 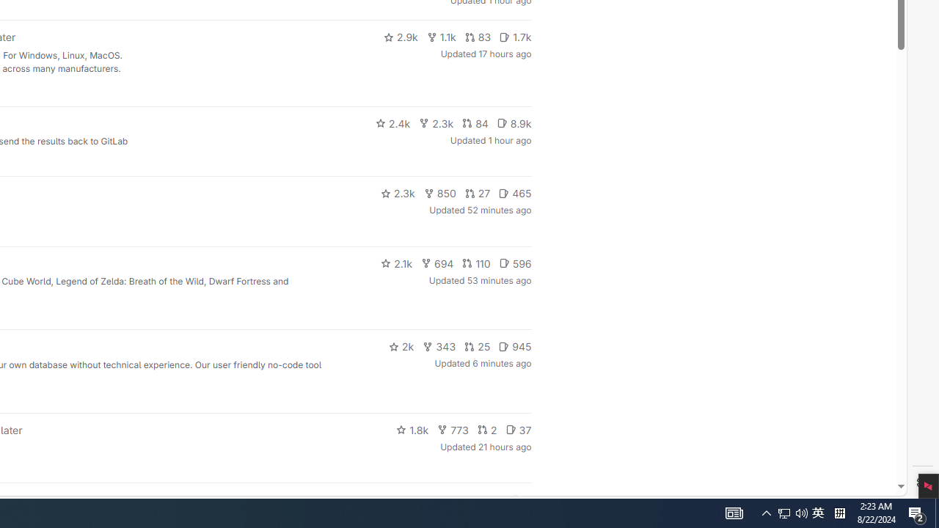 I want to click on '110', so click(x=476, y=262).